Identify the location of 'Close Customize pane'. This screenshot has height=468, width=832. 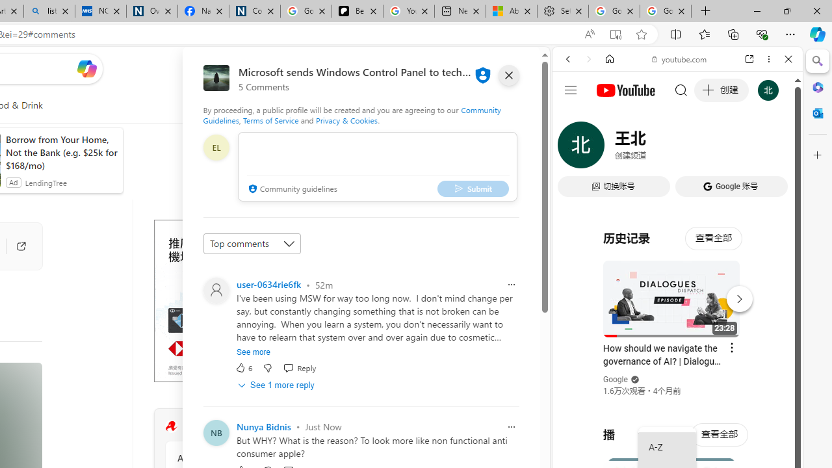
(817, 155).